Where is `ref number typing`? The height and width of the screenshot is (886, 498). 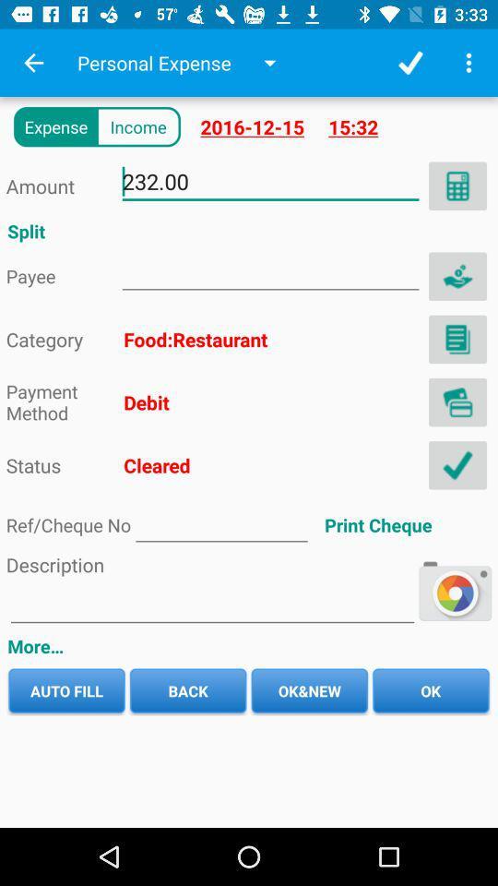
ref number typing is located at coordinates (221, 524).